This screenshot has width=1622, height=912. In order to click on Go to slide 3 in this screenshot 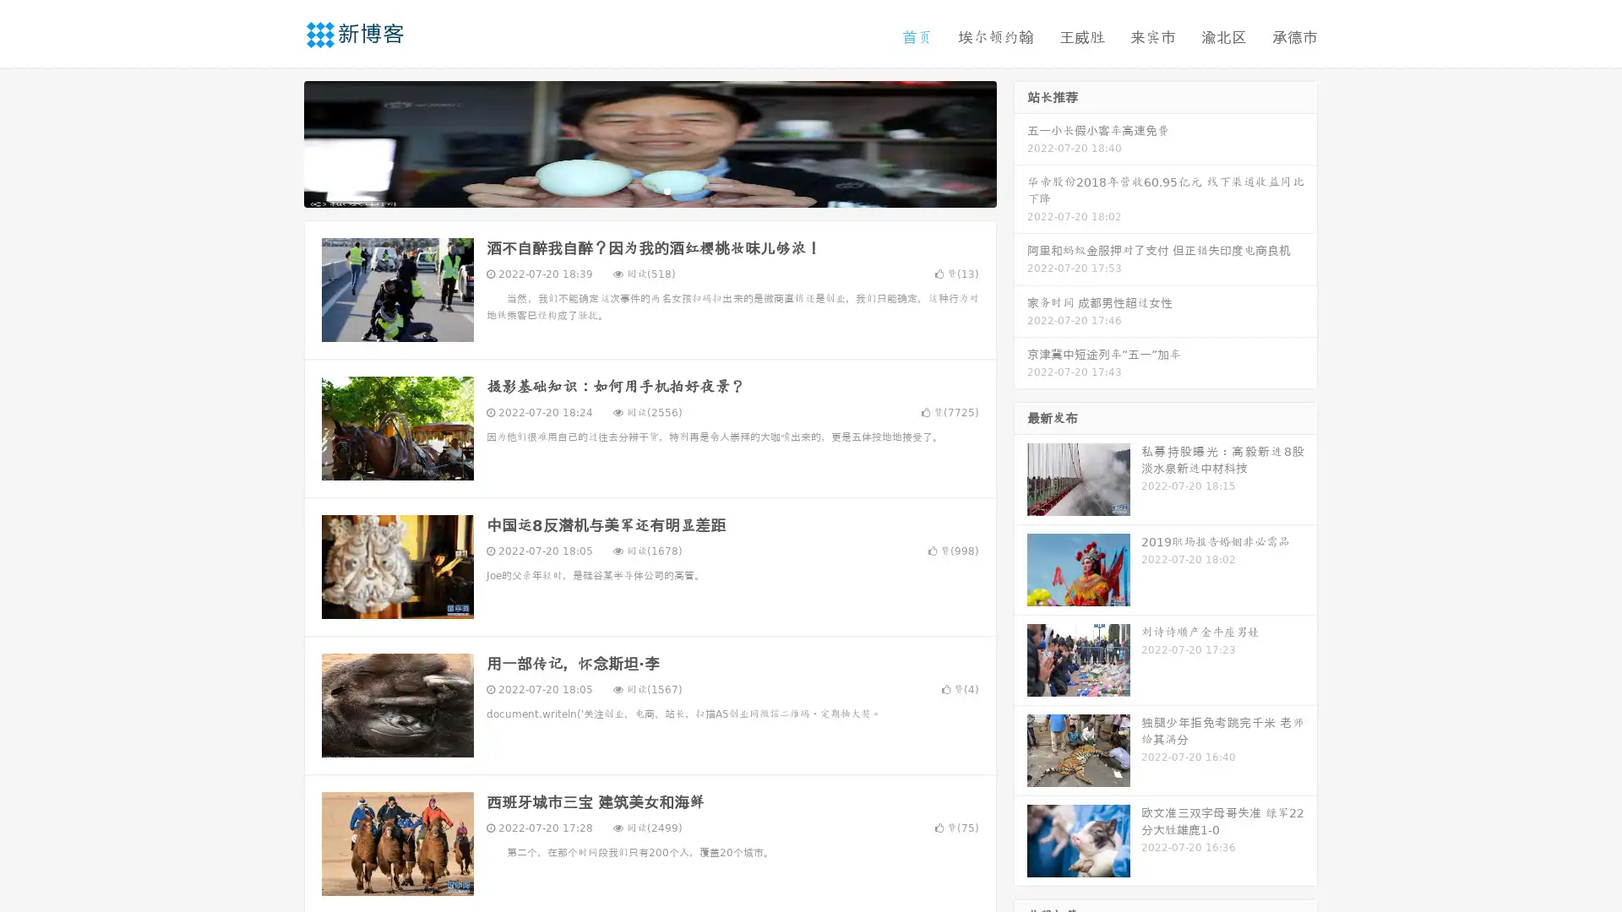, I will do `click(667, 190)`.